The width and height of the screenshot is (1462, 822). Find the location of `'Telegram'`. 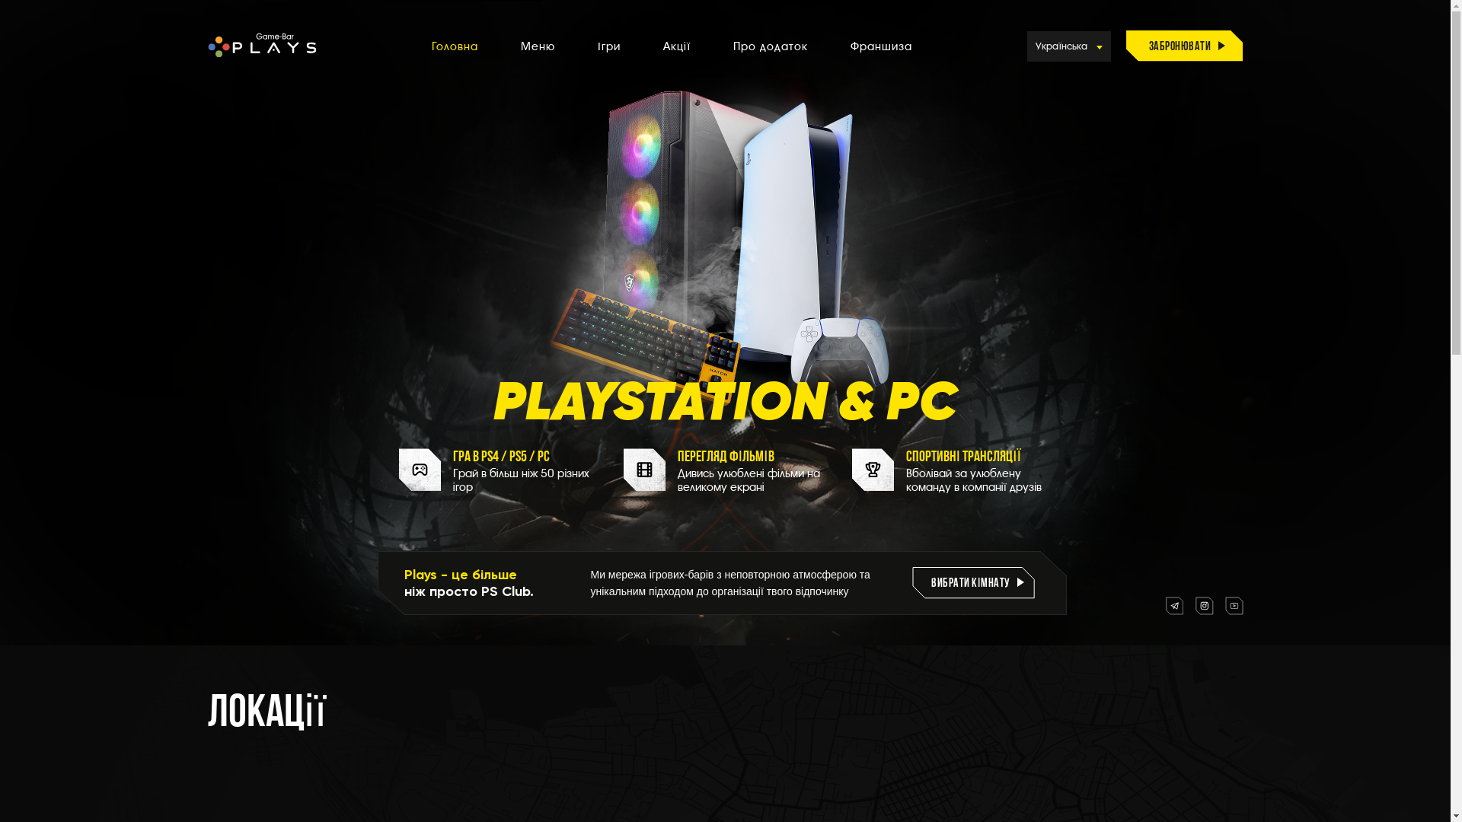

'Telegram' is located at coordinates (1164, 604).